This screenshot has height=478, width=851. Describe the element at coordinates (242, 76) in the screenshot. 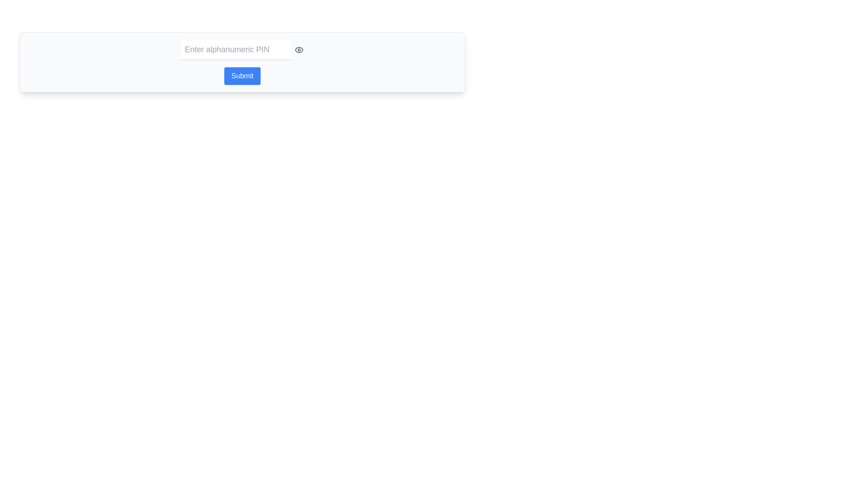

I see `the submit button located centrally at the bottom of the form group` at that location.